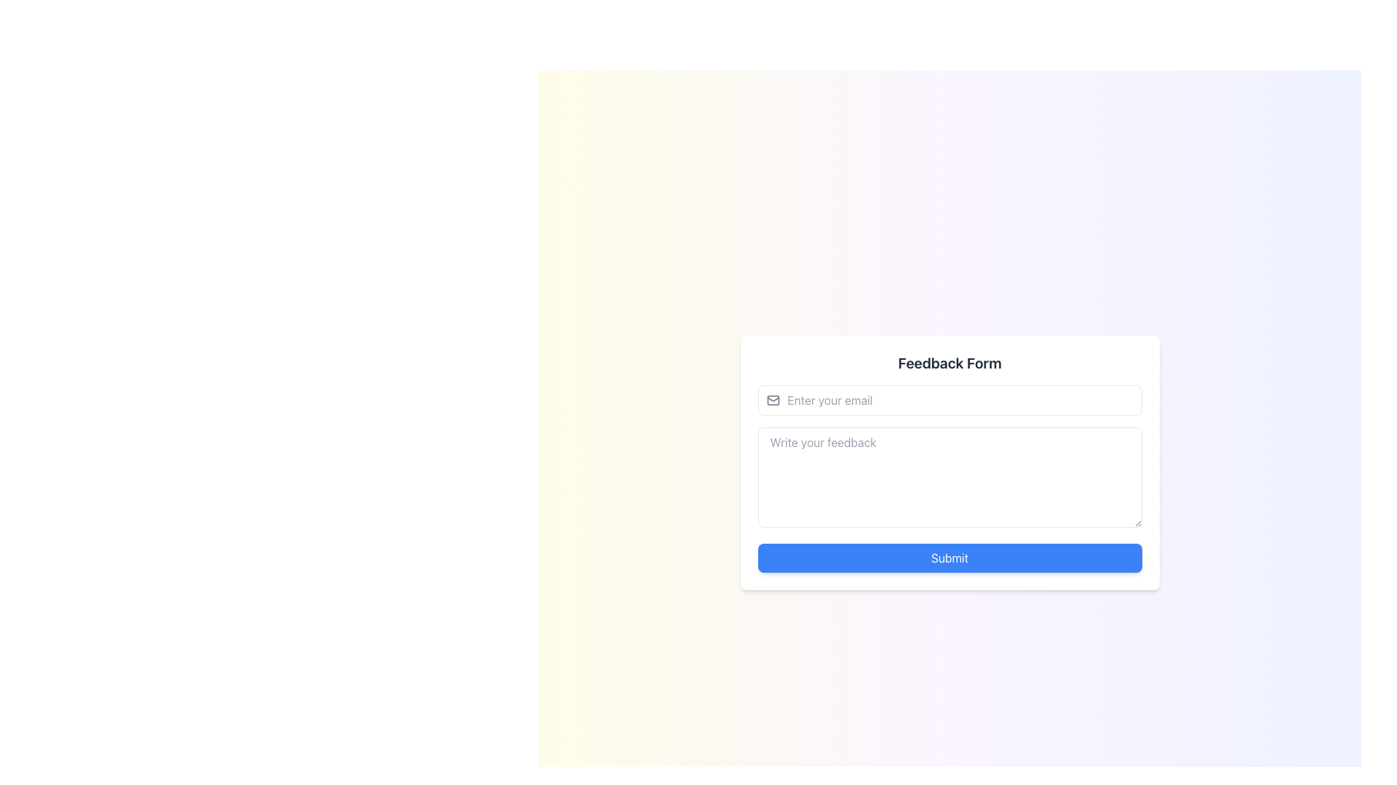  I want to click on the email input field with a placeholder 'Enter your email' to focus it, so click(950, 400).